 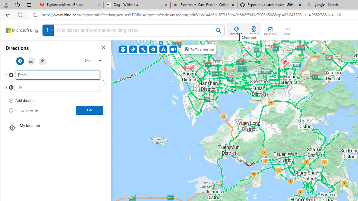 What do you see at coordinates (204, 5) in the screenshot?
I see `'Electronics, Cars, Fashion, Collectibles & More | eBay'` at bounding box center [204, 5].